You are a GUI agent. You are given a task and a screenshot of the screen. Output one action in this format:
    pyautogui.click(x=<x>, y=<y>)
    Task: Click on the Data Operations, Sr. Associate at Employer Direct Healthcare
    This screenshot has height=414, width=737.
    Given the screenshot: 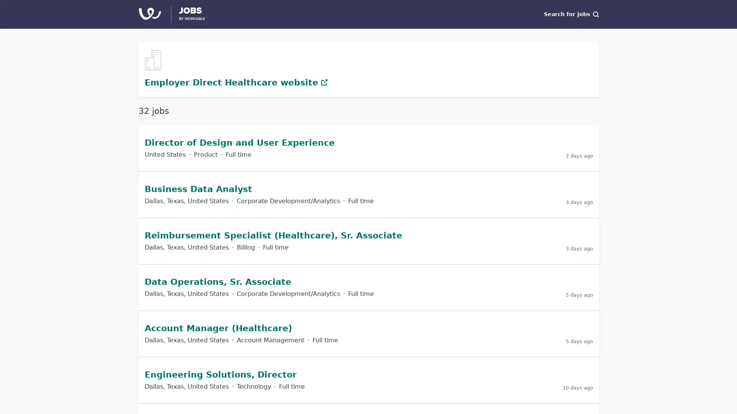 What is the action you would take?
    pyautogui.click(x=368, y=287)
    